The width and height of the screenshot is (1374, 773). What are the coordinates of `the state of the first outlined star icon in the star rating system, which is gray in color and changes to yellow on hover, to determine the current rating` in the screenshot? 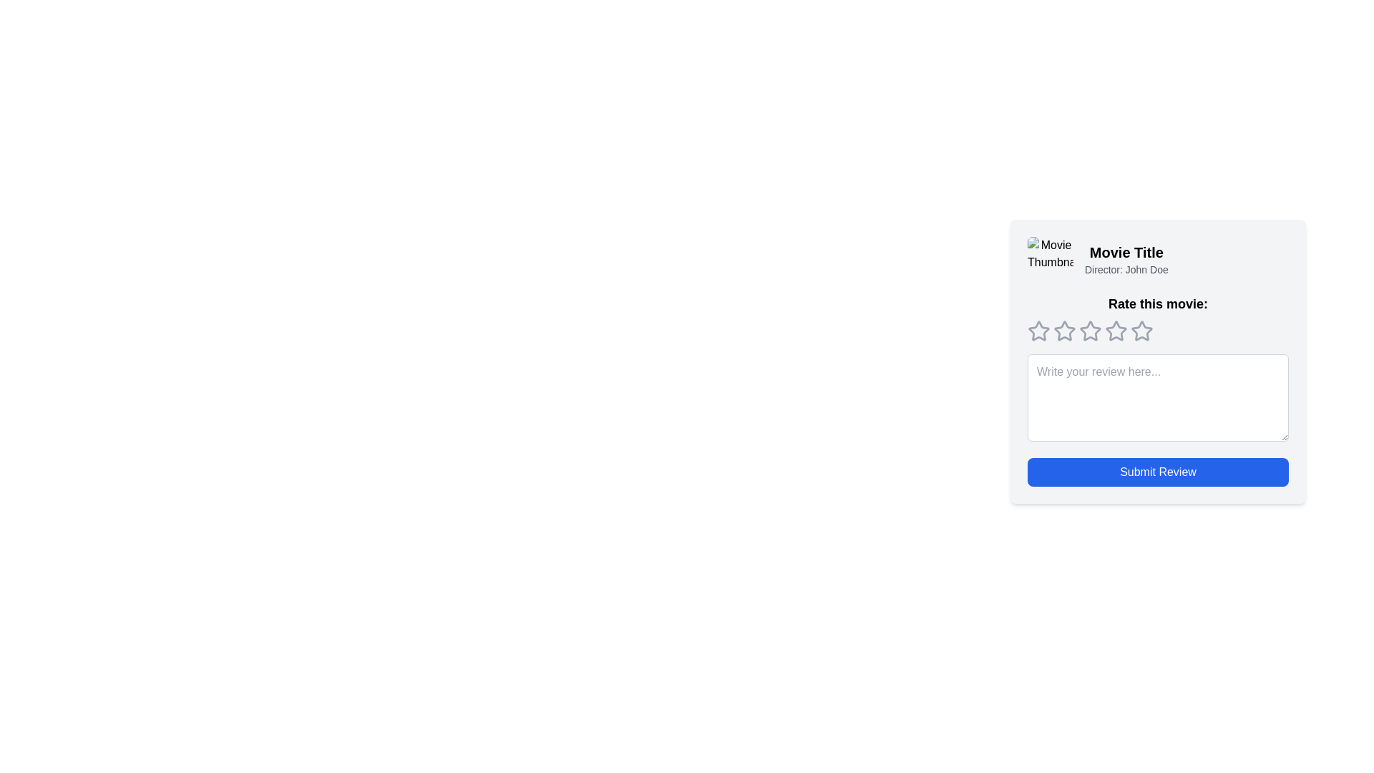 It's located at (1038, 331).